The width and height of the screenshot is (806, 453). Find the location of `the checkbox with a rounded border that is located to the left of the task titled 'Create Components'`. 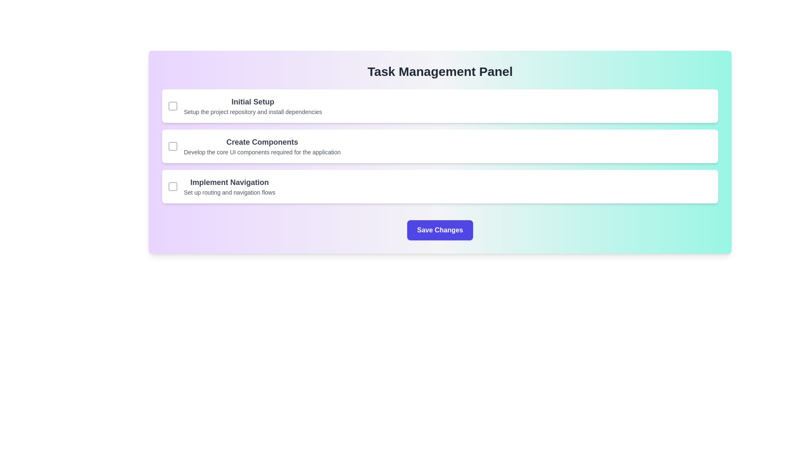

the checkbox with a rounded border that is located to the left of the task titled 'Create Components' is located at coordinates (173, 146).